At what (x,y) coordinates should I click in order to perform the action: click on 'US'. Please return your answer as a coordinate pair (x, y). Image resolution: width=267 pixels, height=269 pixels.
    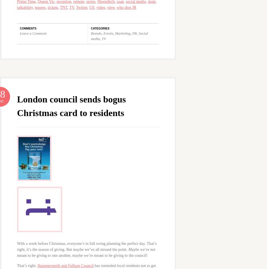
    Looking at the image, I should click on (91, 7).